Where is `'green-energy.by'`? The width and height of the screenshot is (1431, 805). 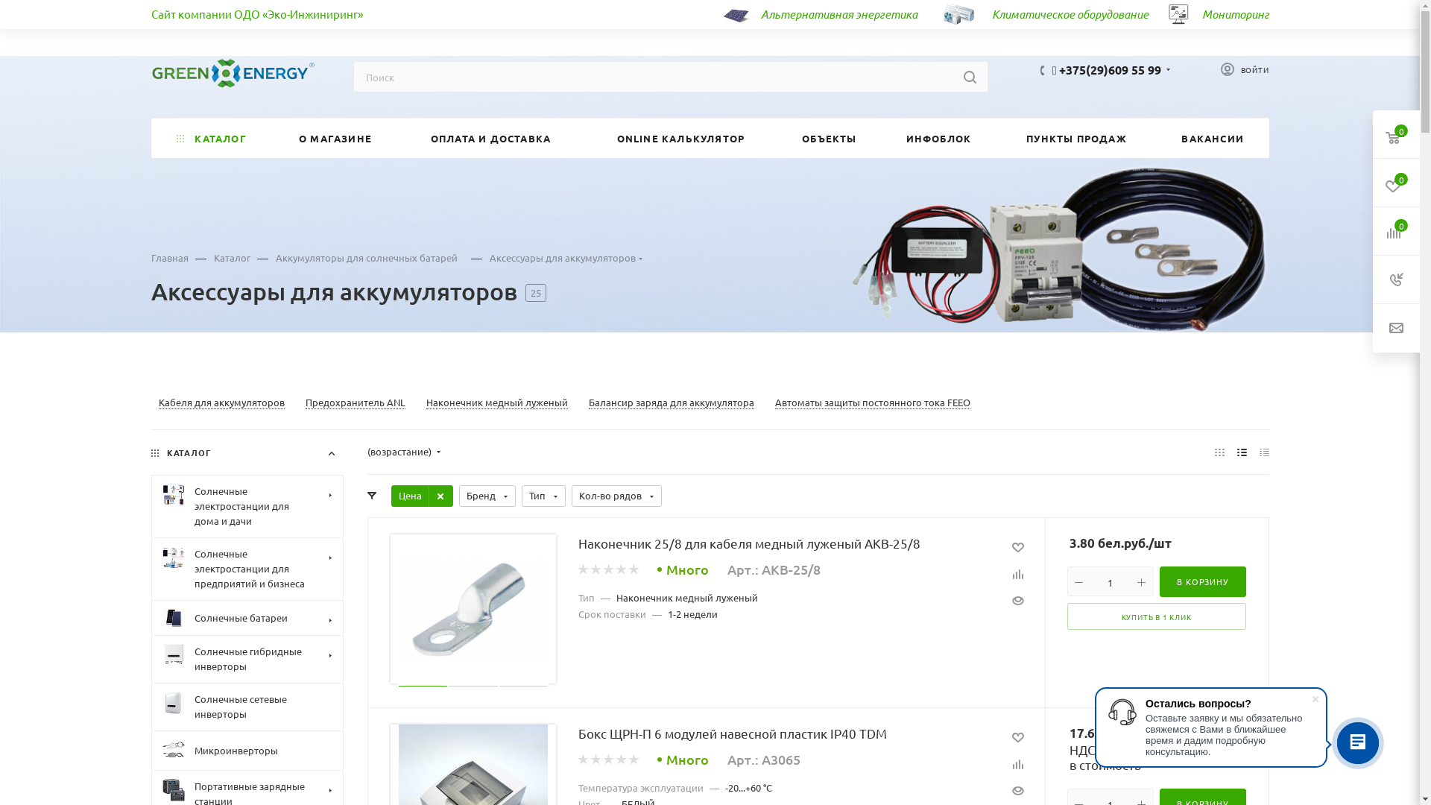 'green-energy.by' is located at coordinates (150, 74).